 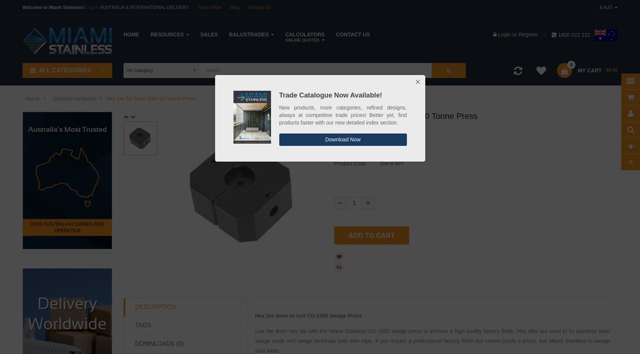 What do you see at coordinates (333, 163) in the screenshot?
I see `'Product Code:'` at bounding box center [333, 163].